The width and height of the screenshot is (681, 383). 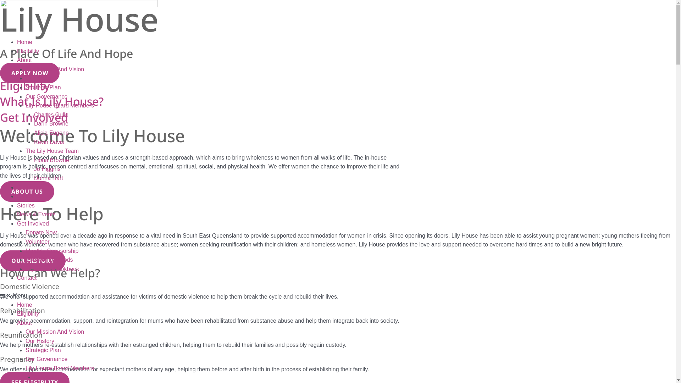 What do you see at coordinates (51, 114) in the screenshot?
I see `'Charles Gullo'` at bounding box center [51, 114].